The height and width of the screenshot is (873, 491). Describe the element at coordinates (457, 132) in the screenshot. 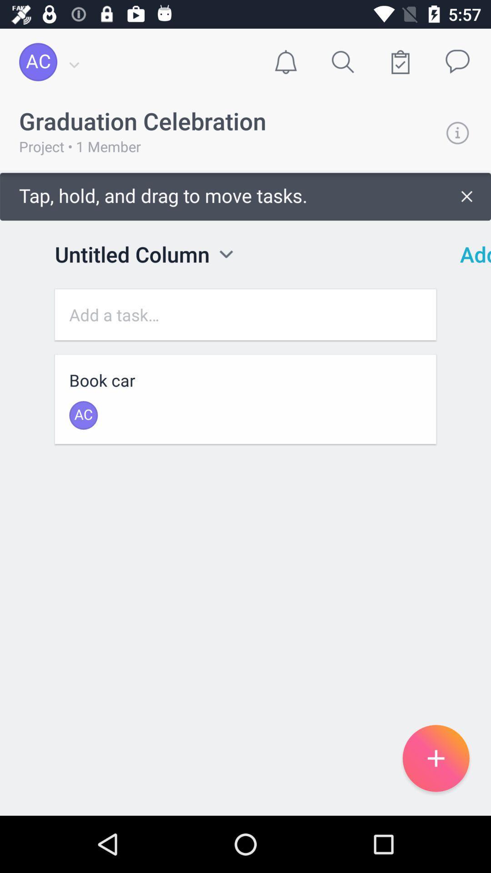

I see `the item to the right of graduation celebration item` at that location.